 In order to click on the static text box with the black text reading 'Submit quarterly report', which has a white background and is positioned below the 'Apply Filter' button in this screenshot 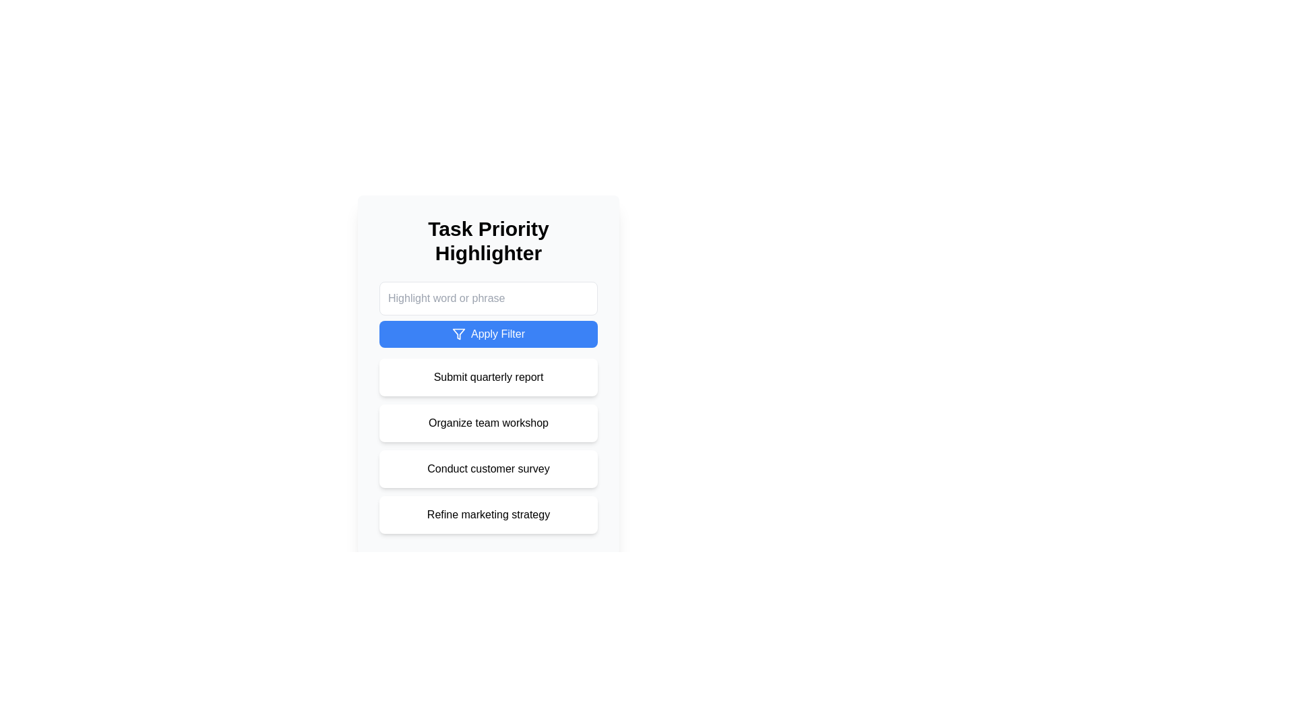, I will do `click(487, 377)`.